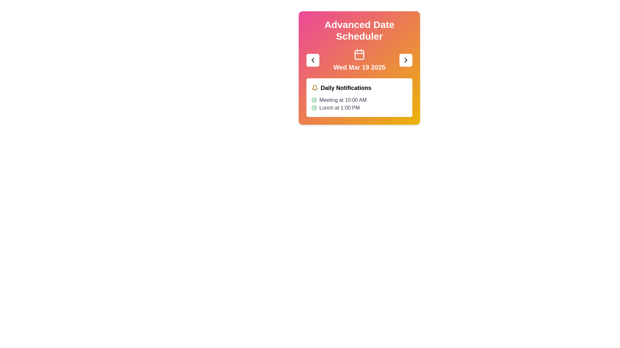 The height and width of the screenshot is (348, 620). I want to click on the left-pointing navigational chevron icon in the card header to move to the previous section, so click(313, 60).